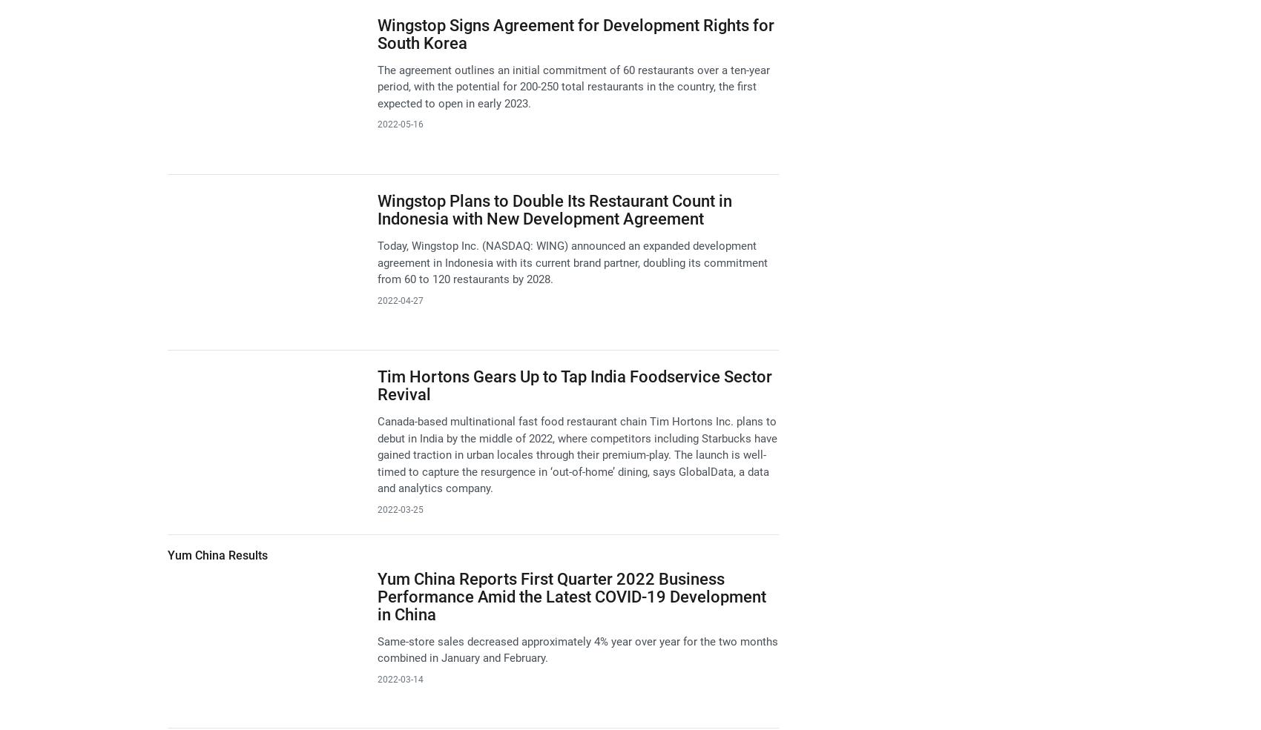 The height and width of the screenshot is (730, 1261). What do you see at coordinates (572, 86) in the screenshot?
I see `'The agreement outlines an initial commitment of 60 restaurants over a ten-year period, with the potential for 200-250 total restaurants in the country, the first expected to open in early 2023.'` at bounding box center [572, 86].